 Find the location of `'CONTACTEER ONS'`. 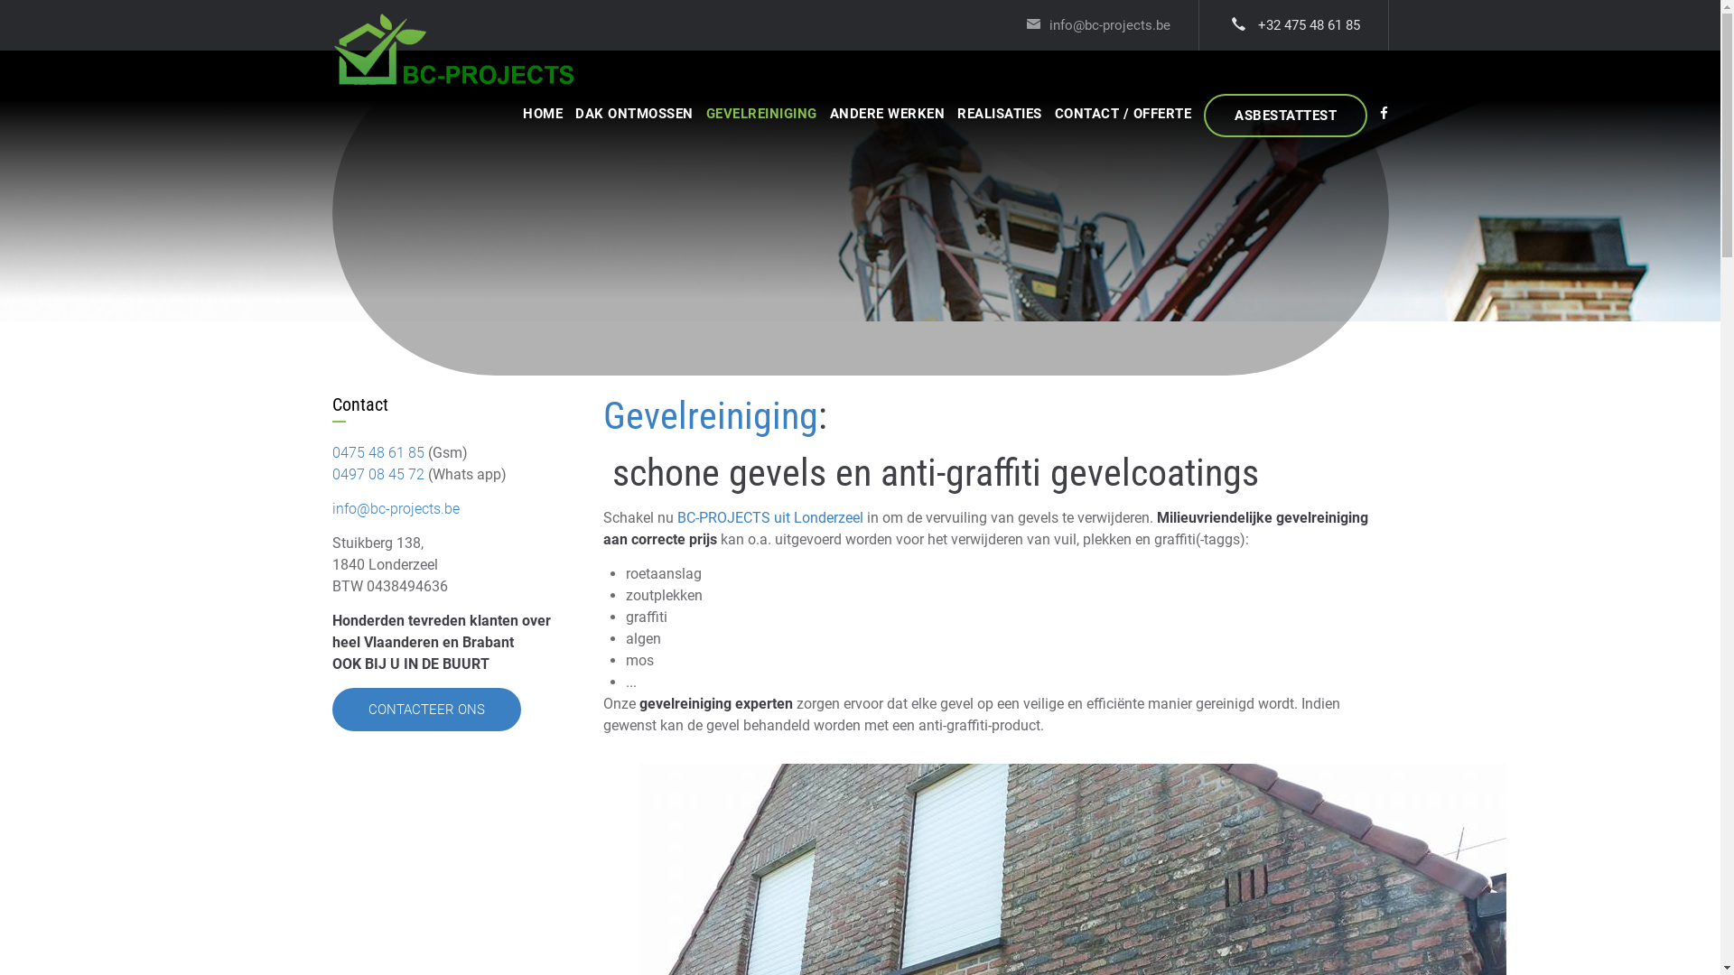

'CONTACTEER ONS' is located at coordinates (425, 709).